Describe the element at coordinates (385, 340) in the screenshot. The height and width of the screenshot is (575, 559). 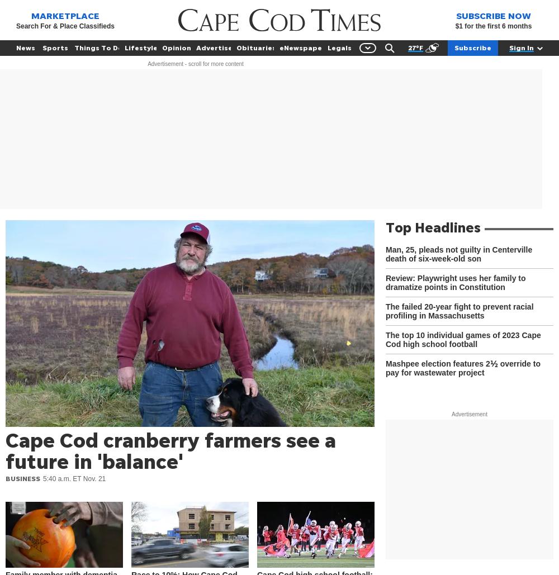
I see `'The top 10 individual games of 2023 Cape Cod high school football'` at that location.